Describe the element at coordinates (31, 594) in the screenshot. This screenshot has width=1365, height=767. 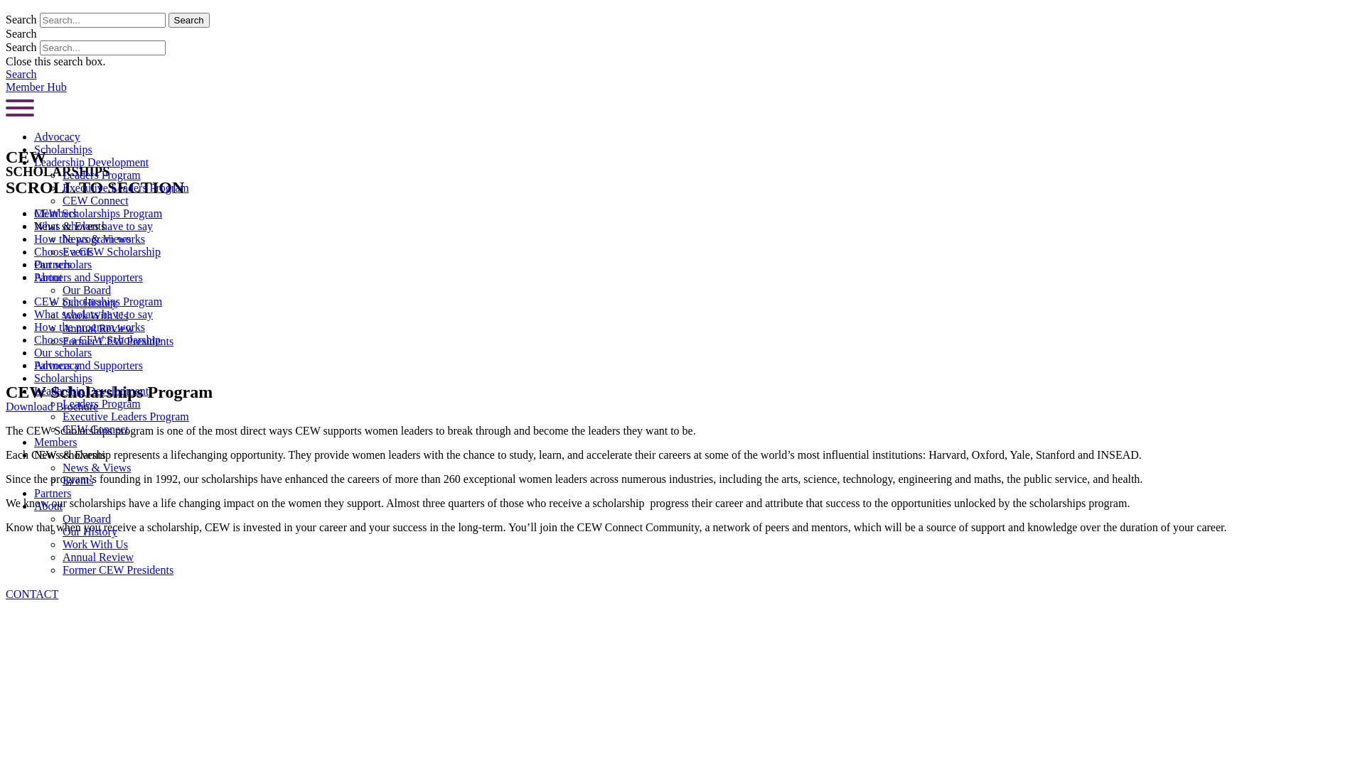
I see `'CONTACT'` at that location.